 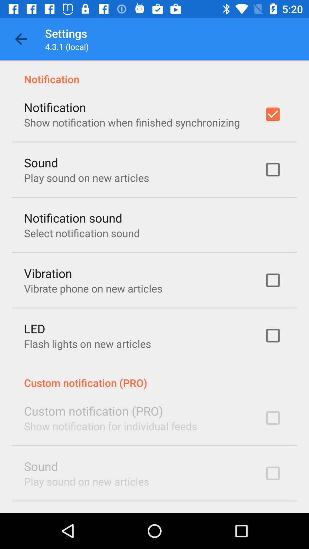 What do you see at coordinates (48, 273) in the screenshot?
I see `item above vibrate phone on` at bounding box center [48, 273].